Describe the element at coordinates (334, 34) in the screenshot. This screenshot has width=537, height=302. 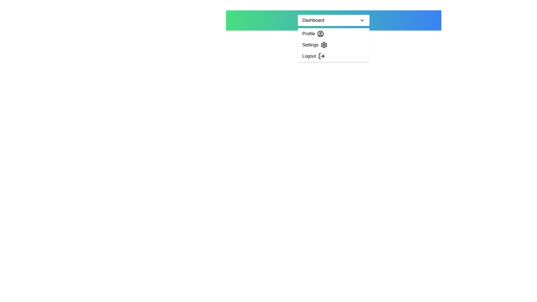
I see `the 'Profile' option in the dropdown menu` at that location.